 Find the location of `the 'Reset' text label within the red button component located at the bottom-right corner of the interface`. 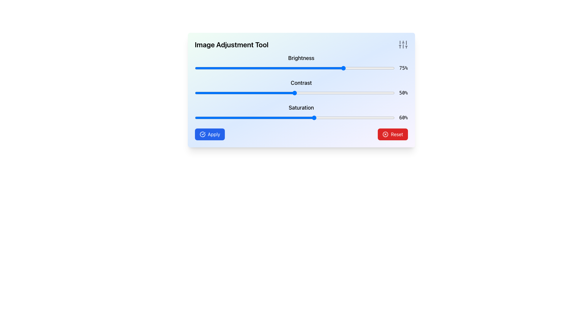

the 'Reset' text label within the red button component located at the bottom-right corner of the interface is located at coordinates (397, 134).